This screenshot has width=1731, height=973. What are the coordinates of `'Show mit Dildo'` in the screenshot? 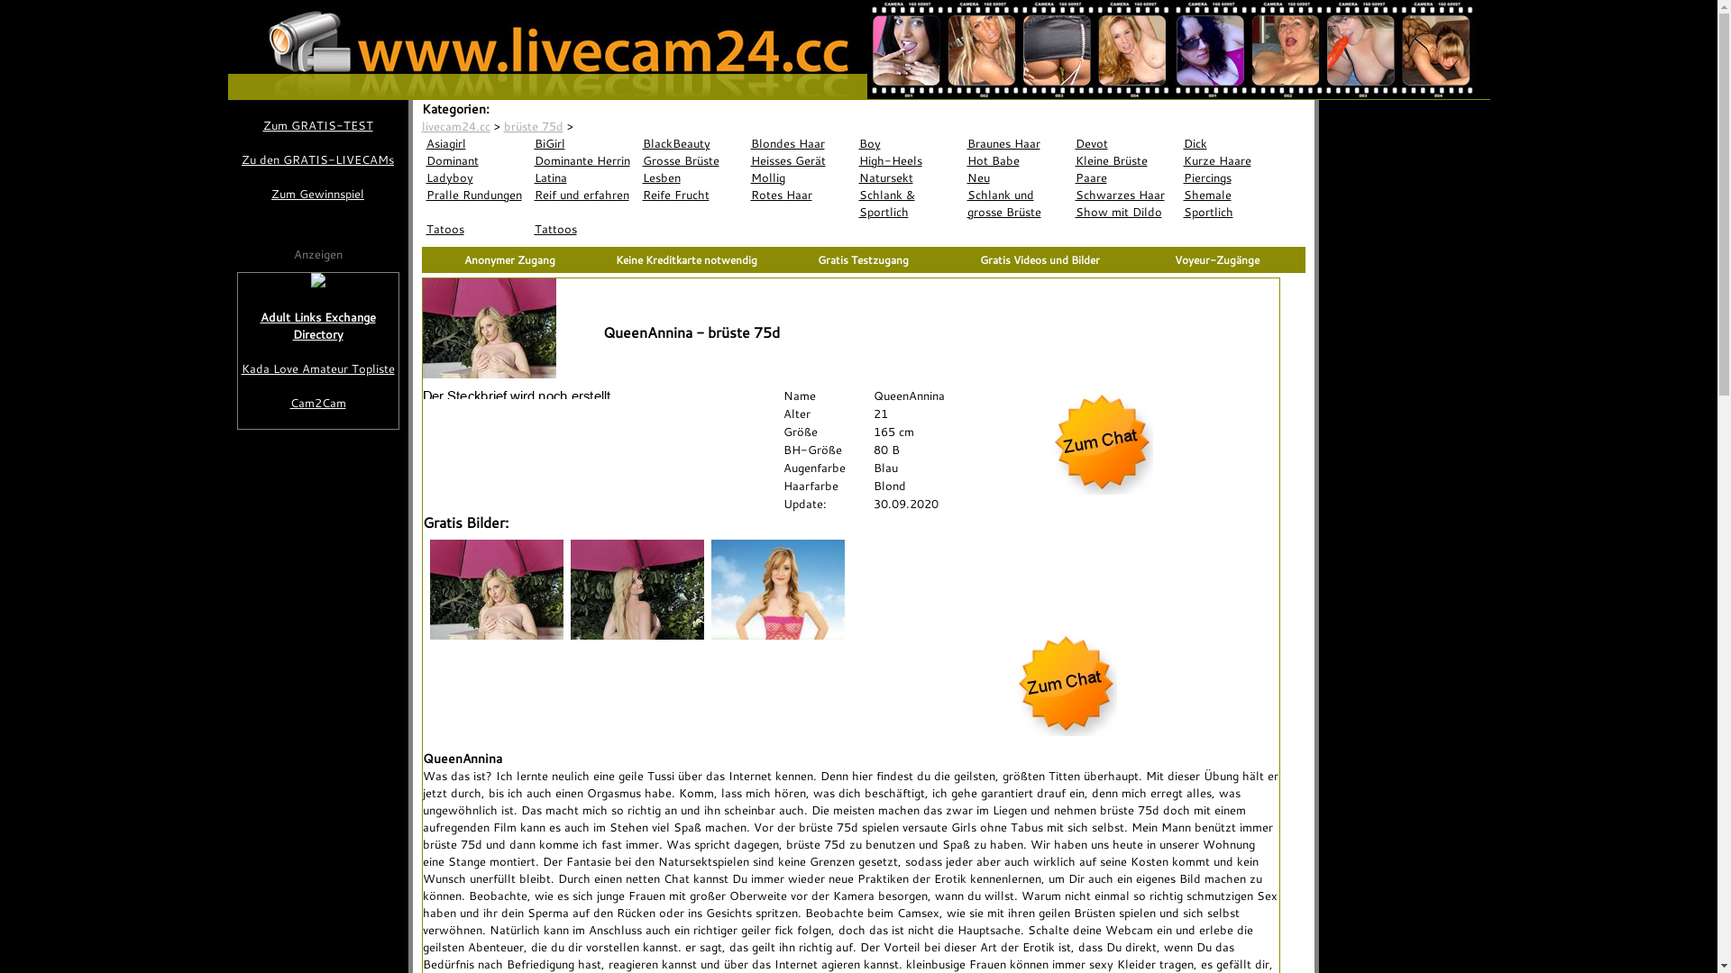 It's located at (1124, 211).